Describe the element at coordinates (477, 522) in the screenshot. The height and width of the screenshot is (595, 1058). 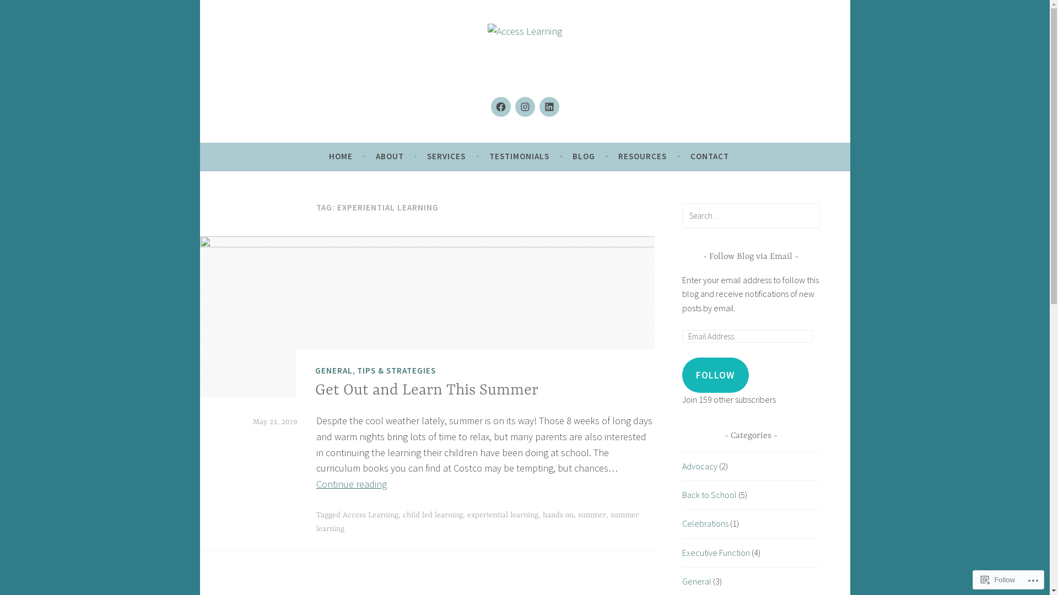
I see `'summer learning'` at that location.